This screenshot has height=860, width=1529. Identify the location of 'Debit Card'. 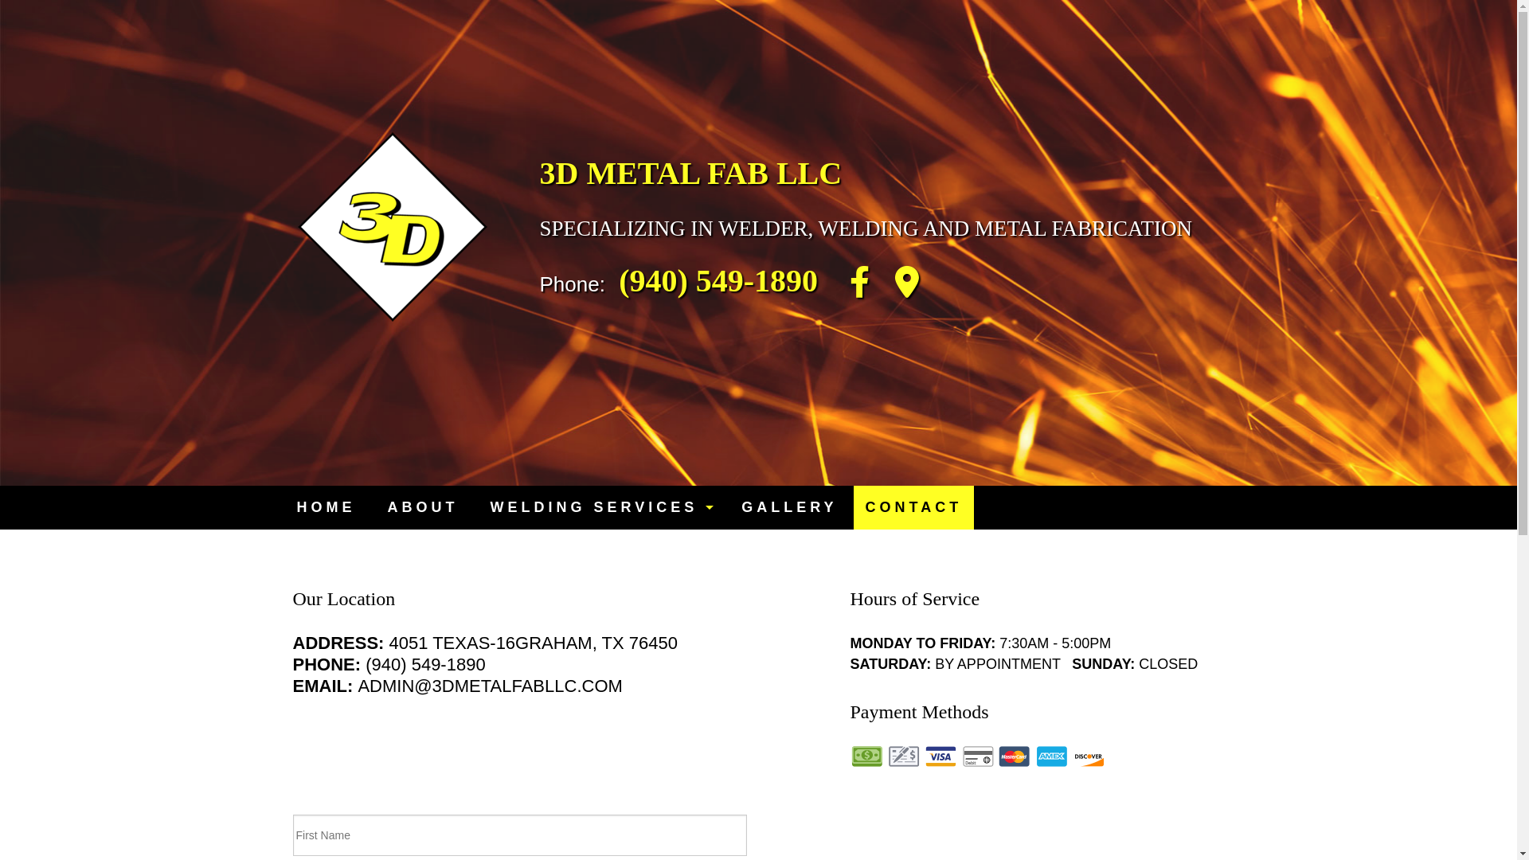
(977, 755).